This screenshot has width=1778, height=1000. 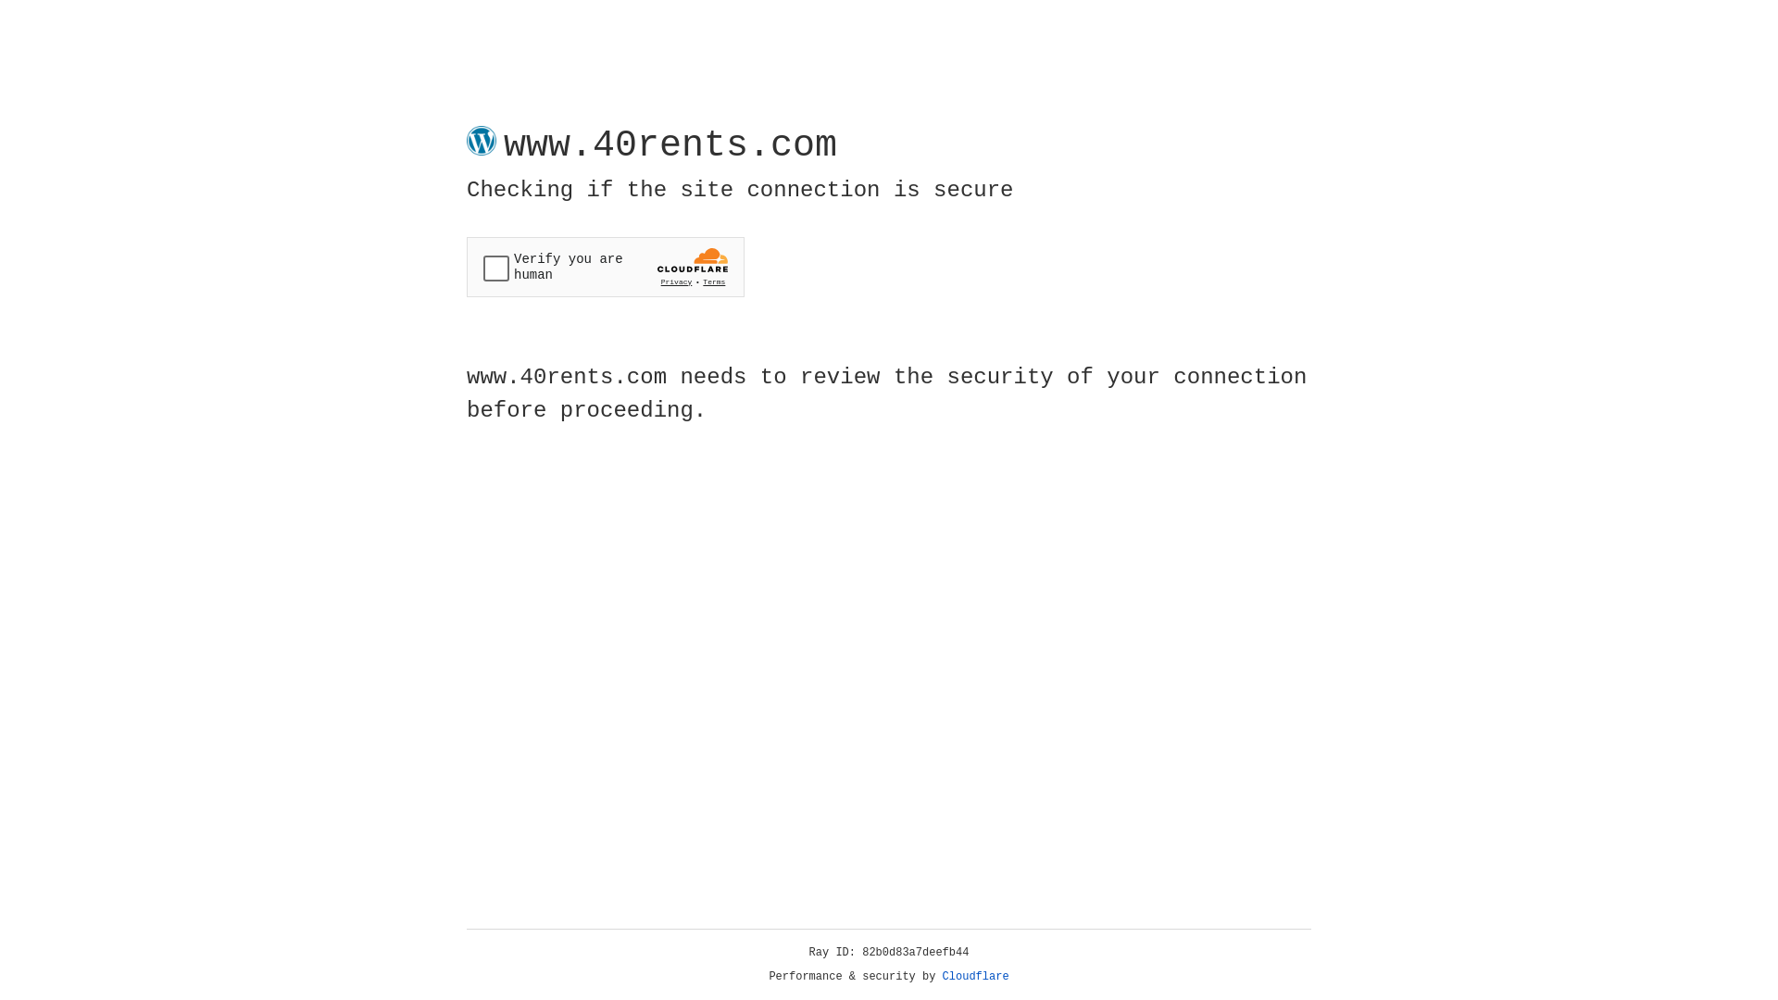 I want to click on 'Widget containing a Cloudflare security challenge', so click(x=605, y=267).